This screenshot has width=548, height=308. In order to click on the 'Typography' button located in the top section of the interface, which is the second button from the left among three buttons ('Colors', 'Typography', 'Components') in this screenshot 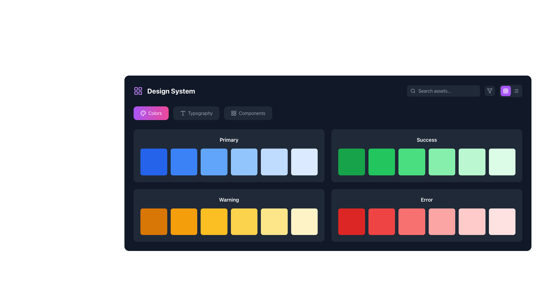, I will do `click(196, 113)`.